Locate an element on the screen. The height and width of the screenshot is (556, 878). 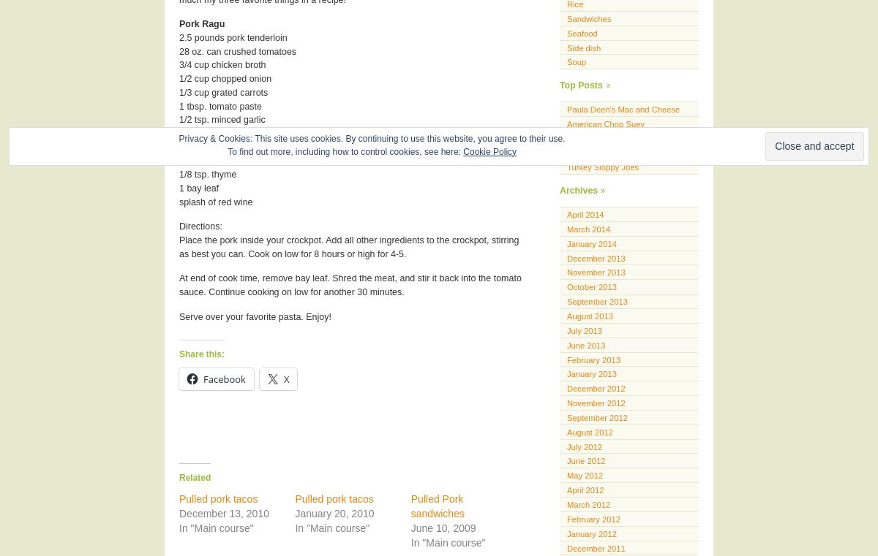
'Rice' is located at coordinates (574, 4).